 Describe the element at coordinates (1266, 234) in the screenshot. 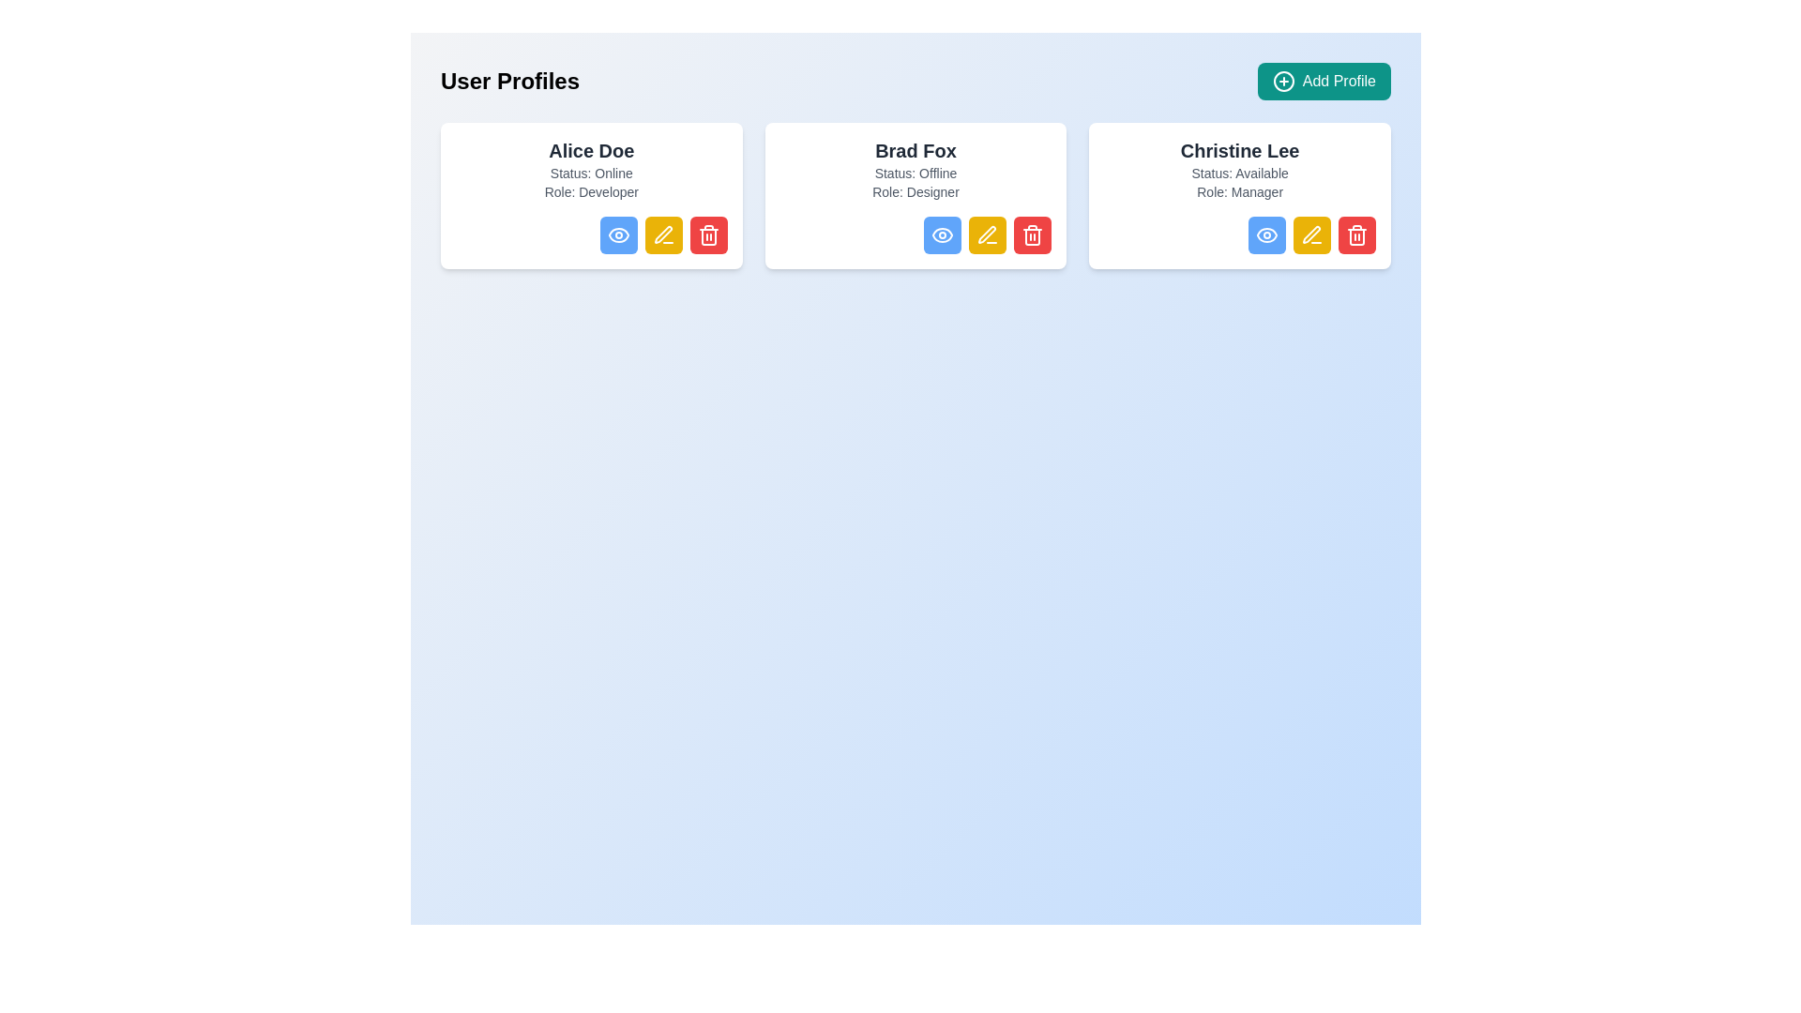

I see `the blue button with a rounded rectangular shape featuring a white eye icon in the center` at that location.